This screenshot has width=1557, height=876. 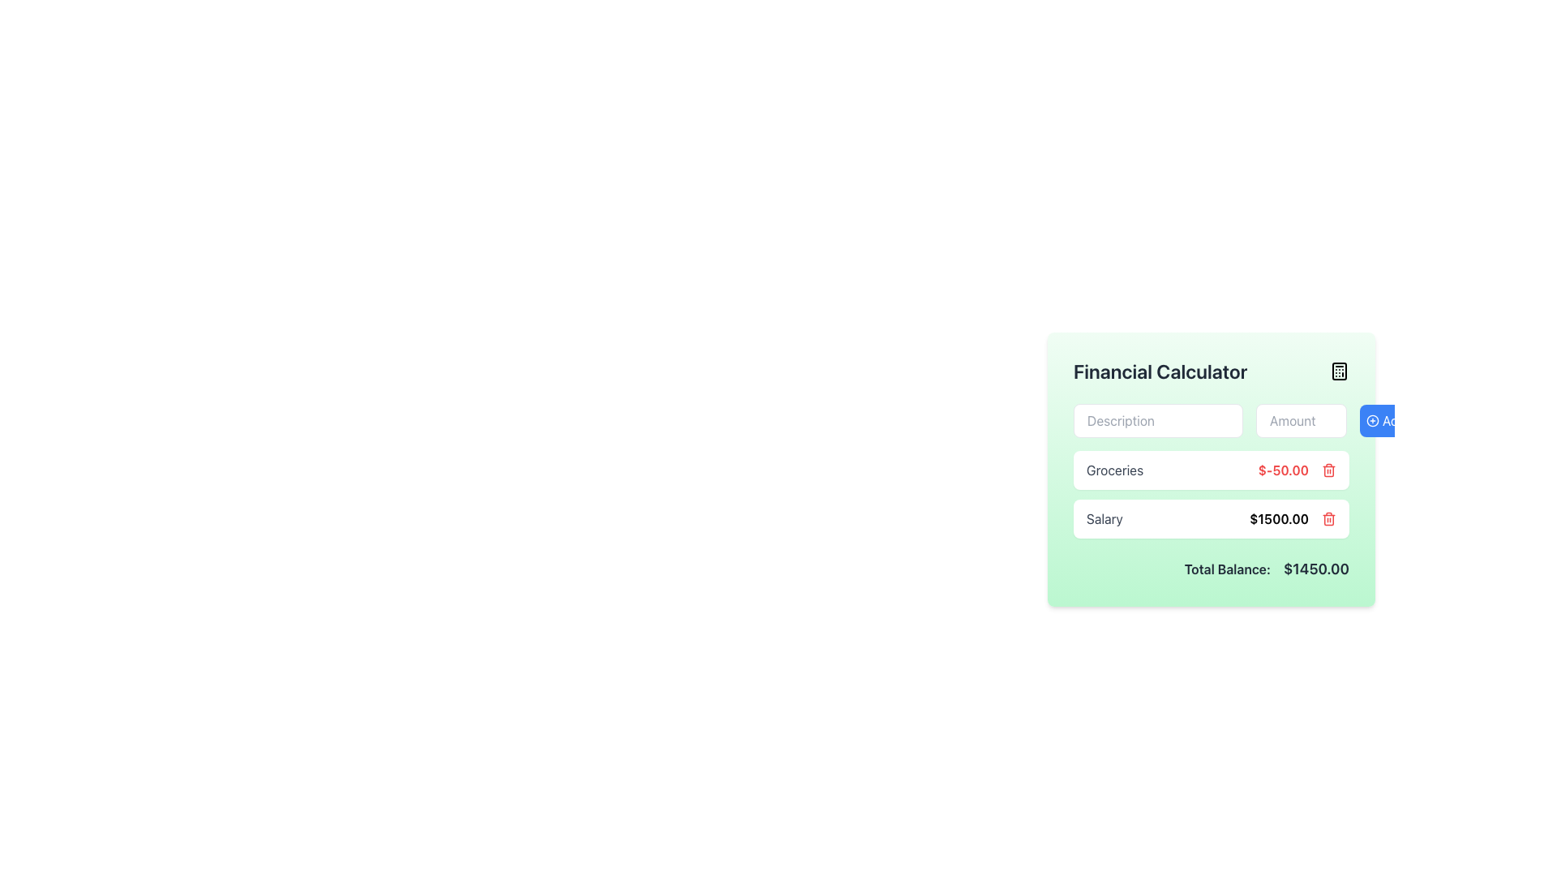 I want to click on the 'Add' button with a blue background and white text, located at the rightmost end of the row in the financial calculator interface, so click(x=1385, y=420).